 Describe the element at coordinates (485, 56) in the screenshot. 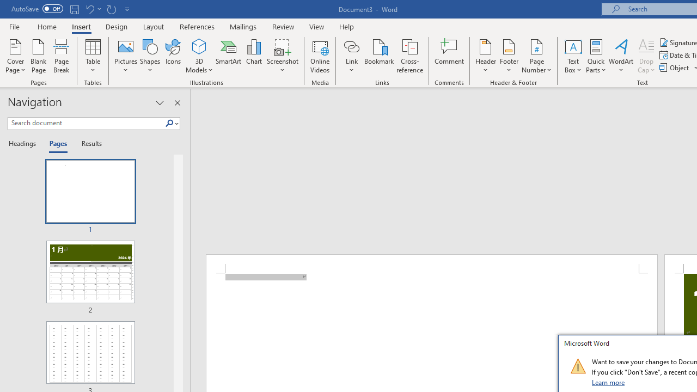

I see `'Header'` at that location.